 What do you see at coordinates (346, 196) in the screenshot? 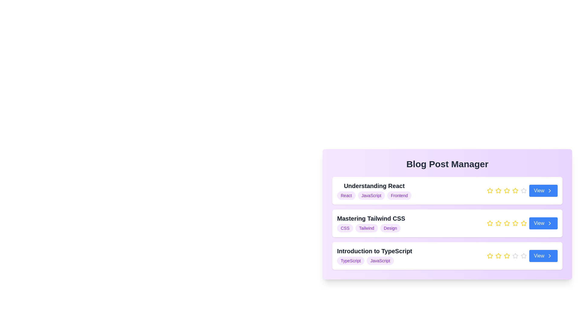
I see `the rectangular tag labeled 'React' with a light purple background and dark purple text, which is the first tag under the title 'Understanding React'` at bounding box center [346, 196].